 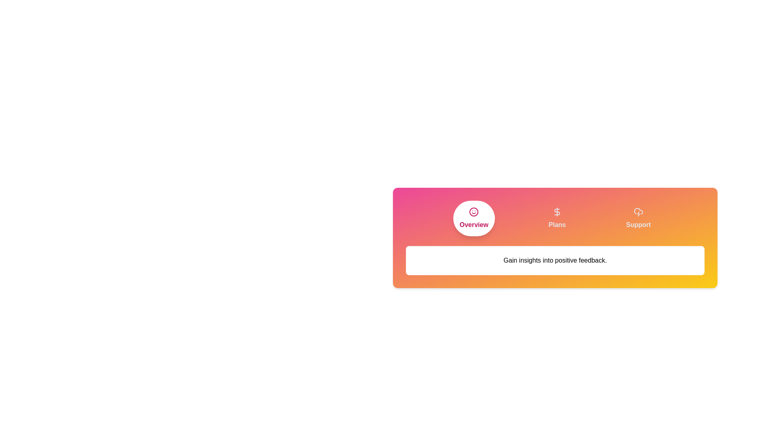 What do you see at coordinates (638, 218) in the screenshot?
I see `the Support tab to activate it` at bounding box center [638, 218].